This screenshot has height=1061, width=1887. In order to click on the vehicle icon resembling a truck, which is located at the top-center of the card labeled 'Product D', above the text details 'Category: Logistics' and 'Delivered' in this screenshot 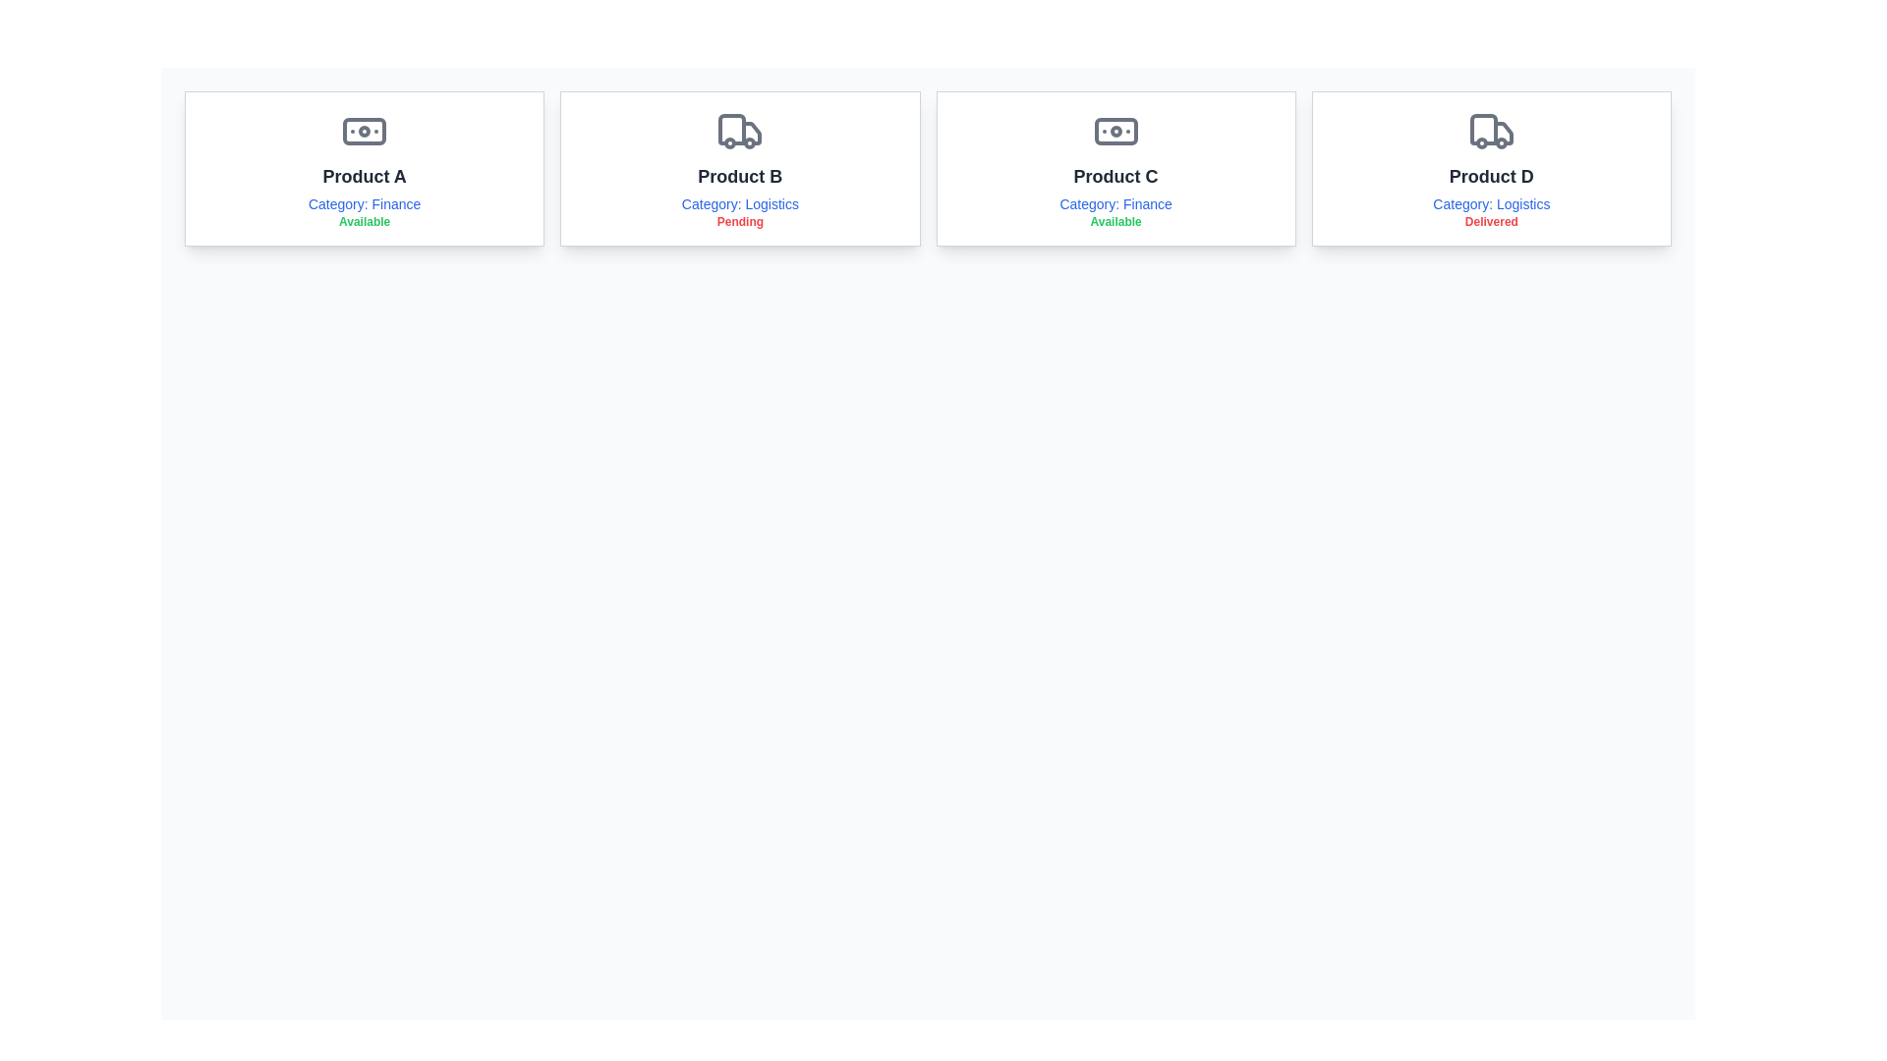, I will do `click(1491, 132)`.